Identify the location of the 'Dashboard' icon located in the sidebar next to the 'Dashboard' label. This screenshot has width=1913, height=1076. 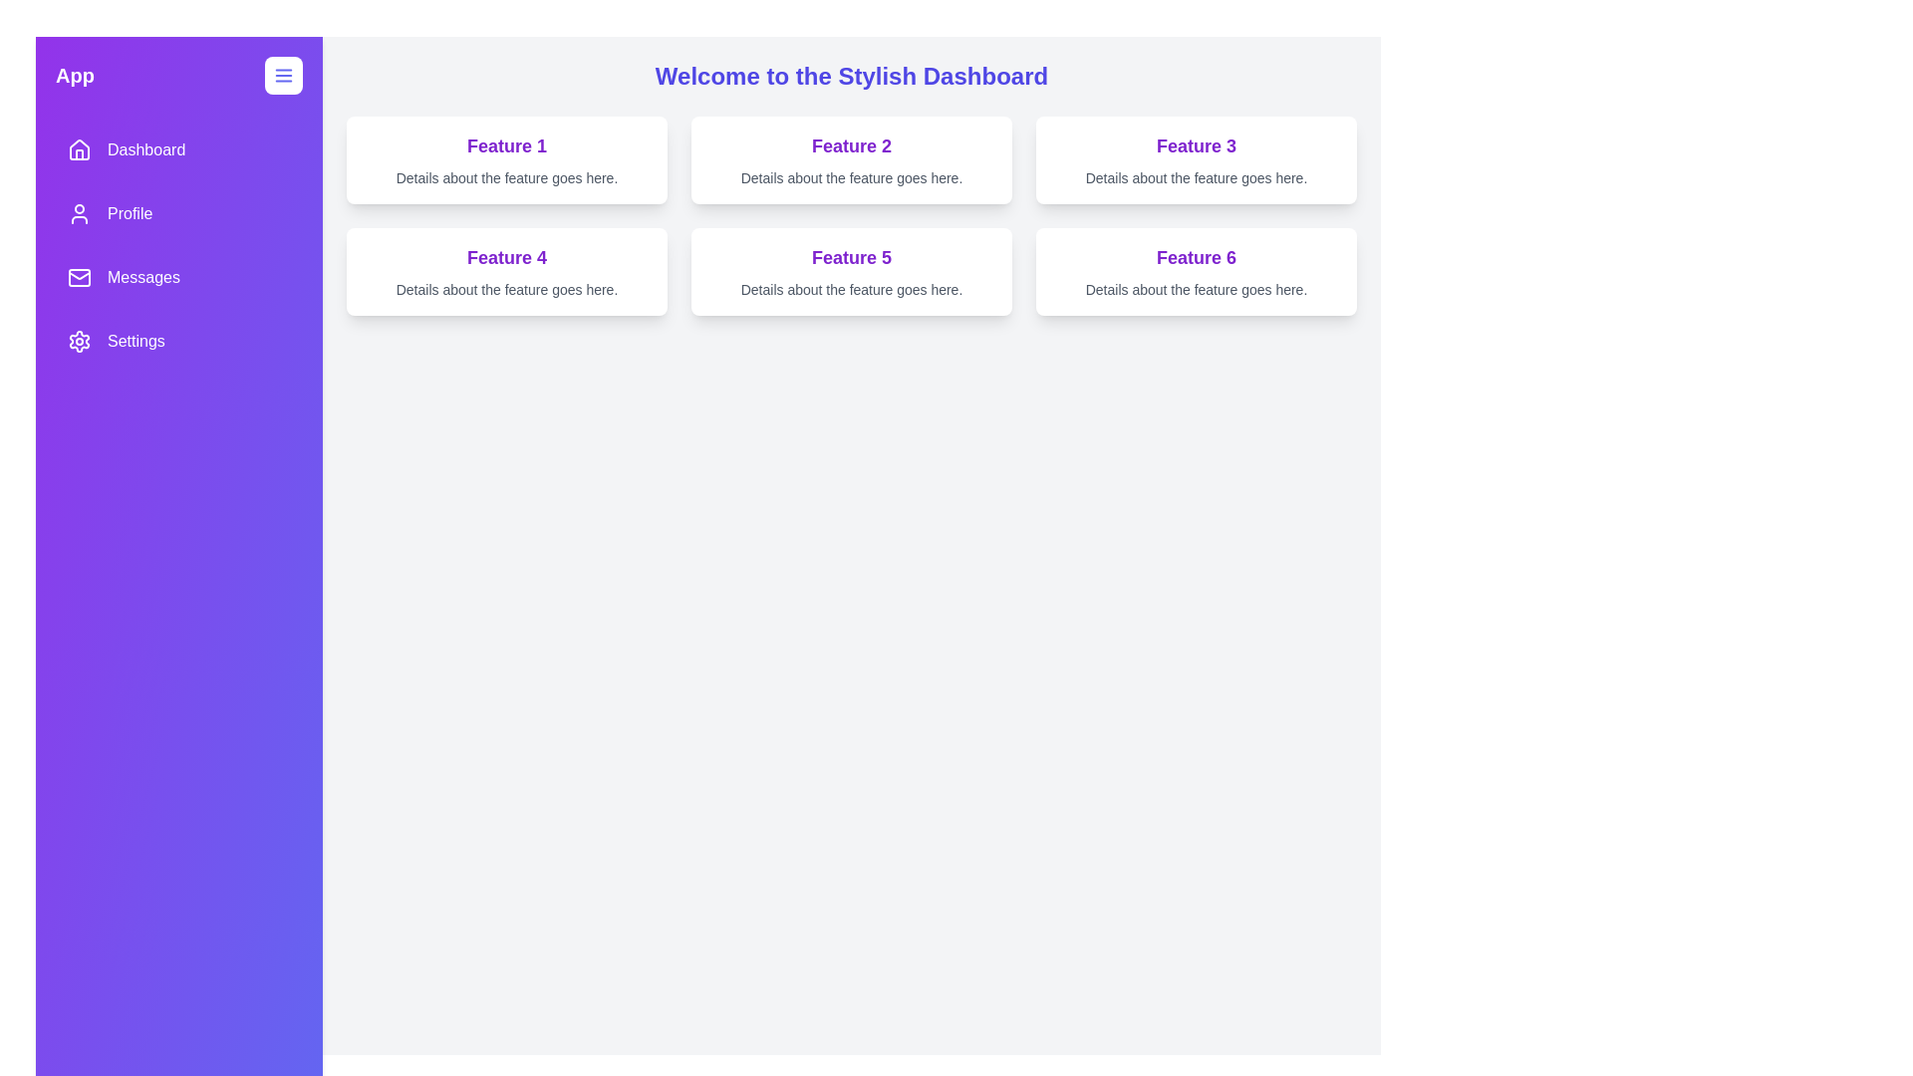
(80, 148).